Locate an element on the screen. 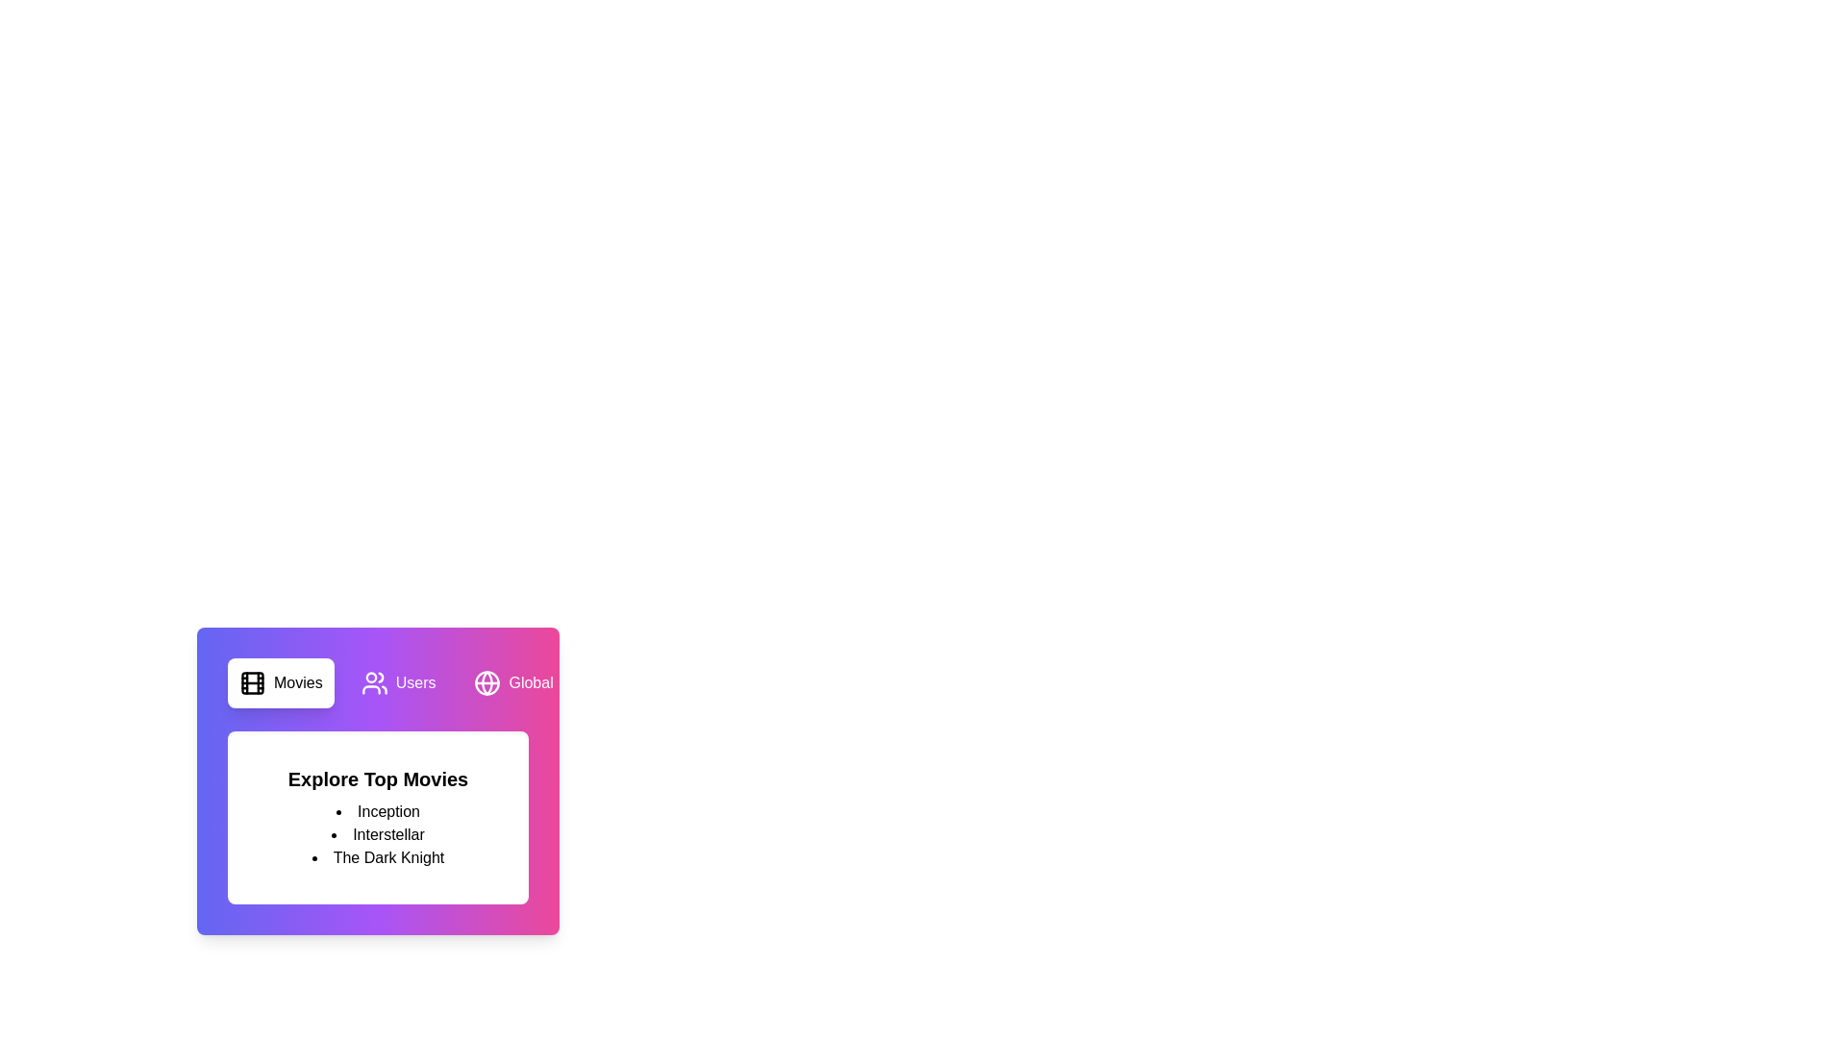 This screenshot has height=1038, width=1846. the tab labeled Users is located at coordinates (397, 681).